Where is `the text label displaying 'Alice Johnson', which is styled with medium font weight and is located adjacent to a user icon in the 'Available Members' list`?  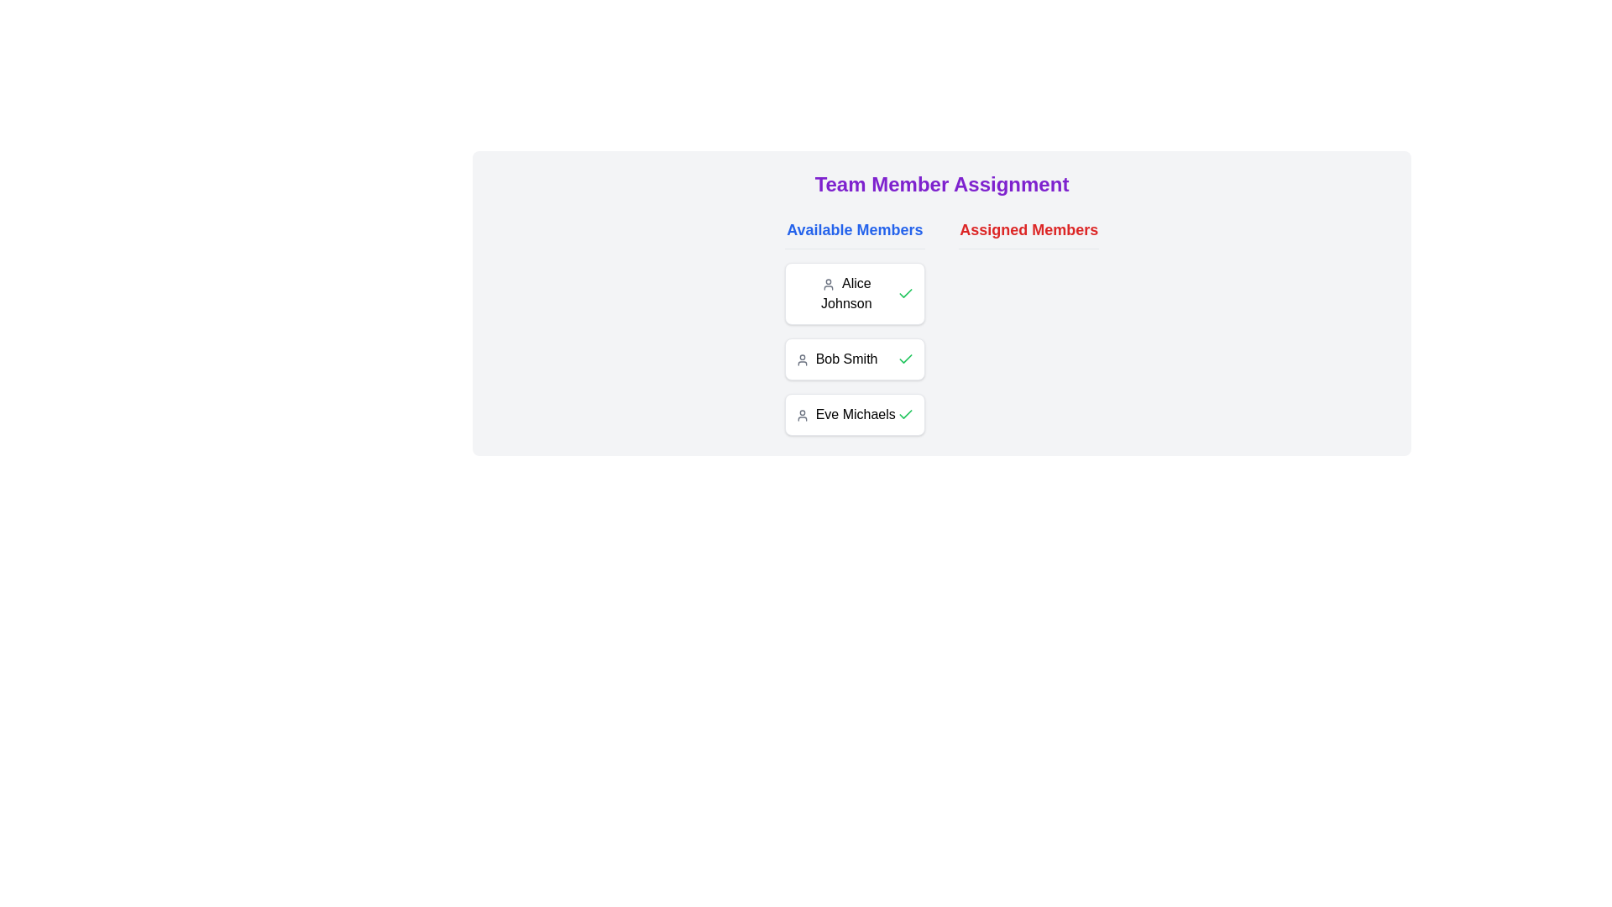 the text label displaying 'Alice Johnson', which is styled with medium font weight and is located adjacent to a user icon in the 'Available Members' list is located at coordinates (846, 292).